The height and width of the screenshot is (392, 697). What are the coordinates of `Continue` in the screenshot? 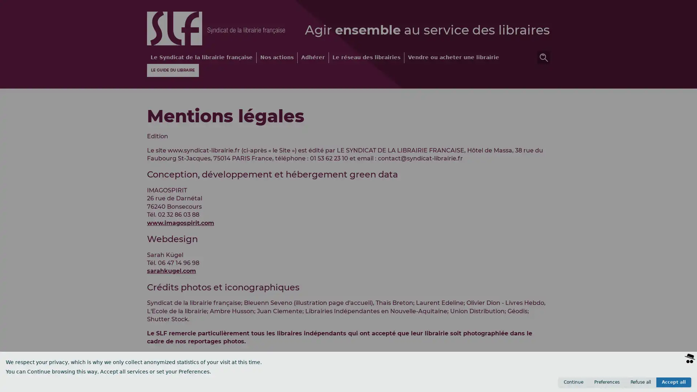 It's located at (573, 382).